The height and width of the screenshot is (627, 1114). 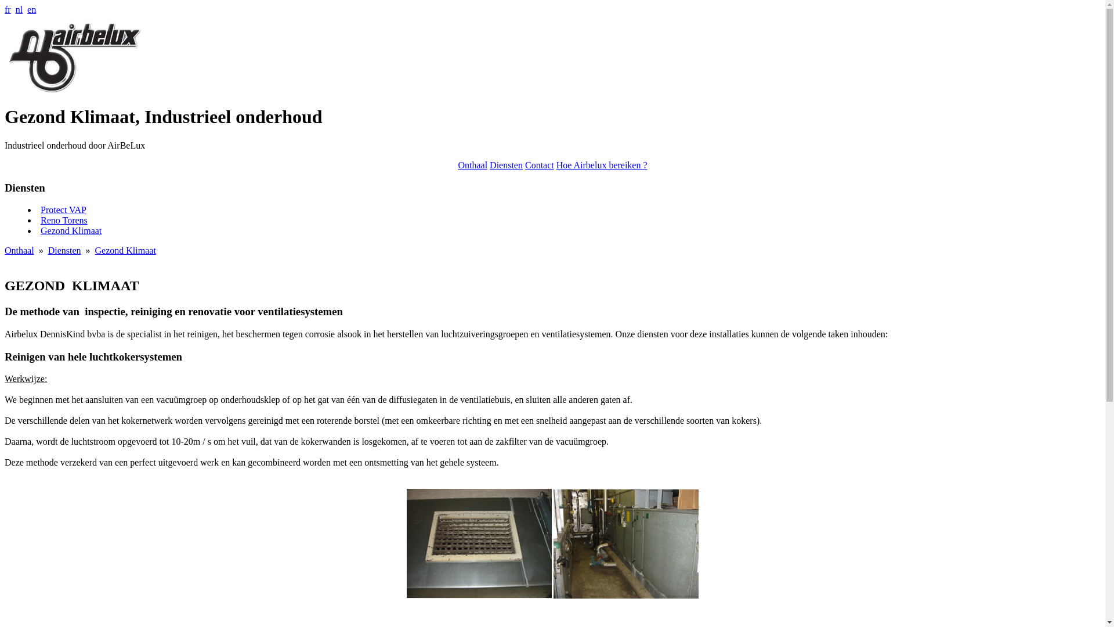 I want to click on 'nl', so click(x=16, y=9).